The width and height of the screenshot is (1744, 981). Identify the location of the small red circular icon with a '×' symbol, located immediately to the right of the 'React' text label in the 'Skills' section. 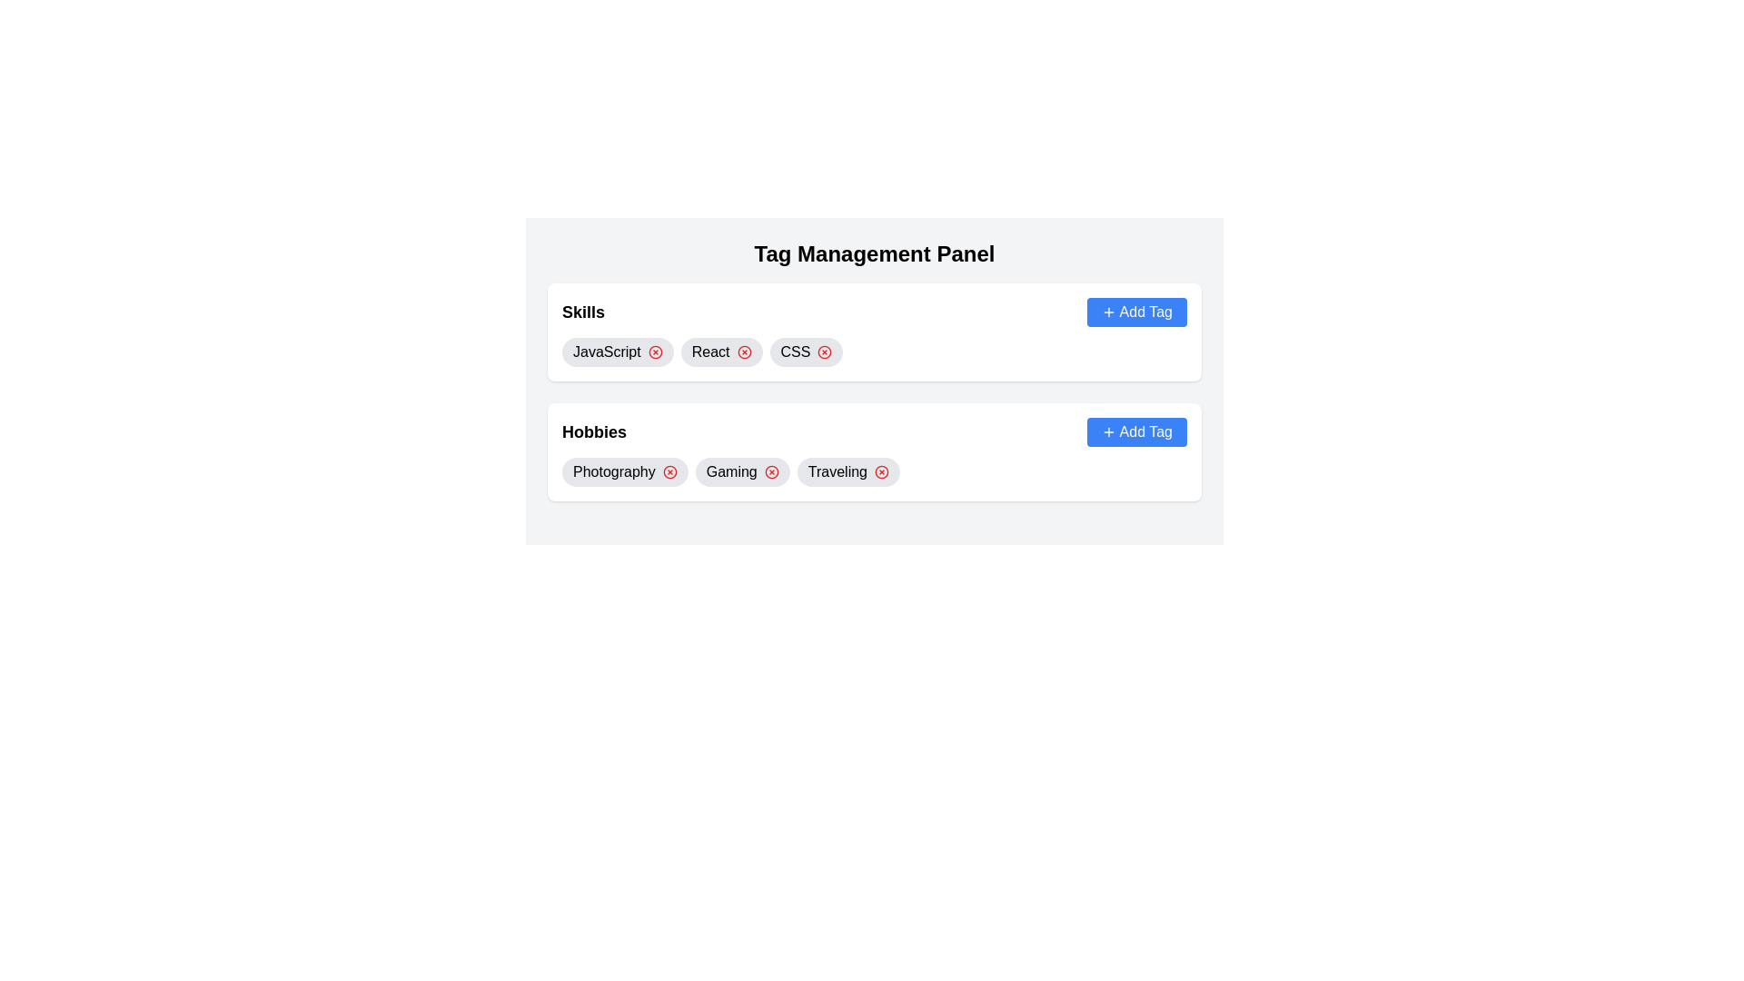
(744, 352).